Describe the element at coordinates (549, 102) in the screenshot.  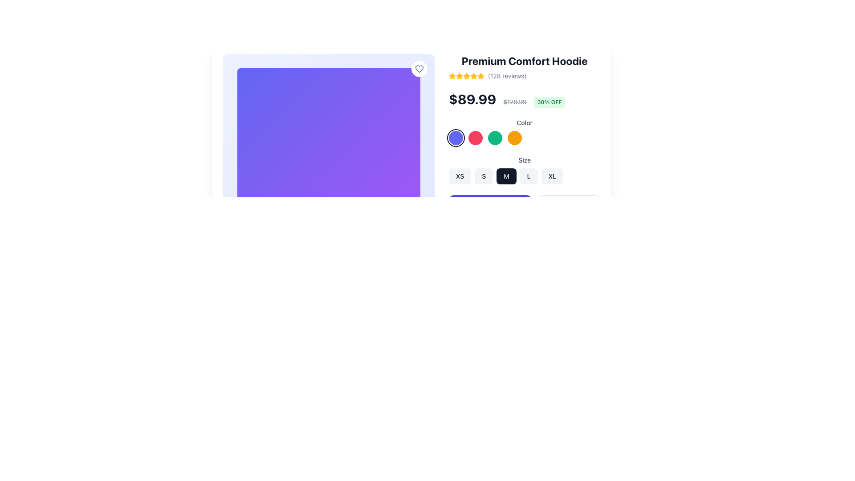
I see `the discount label indicating a 30% discount on the current product to visualize the discount amount` at that location.